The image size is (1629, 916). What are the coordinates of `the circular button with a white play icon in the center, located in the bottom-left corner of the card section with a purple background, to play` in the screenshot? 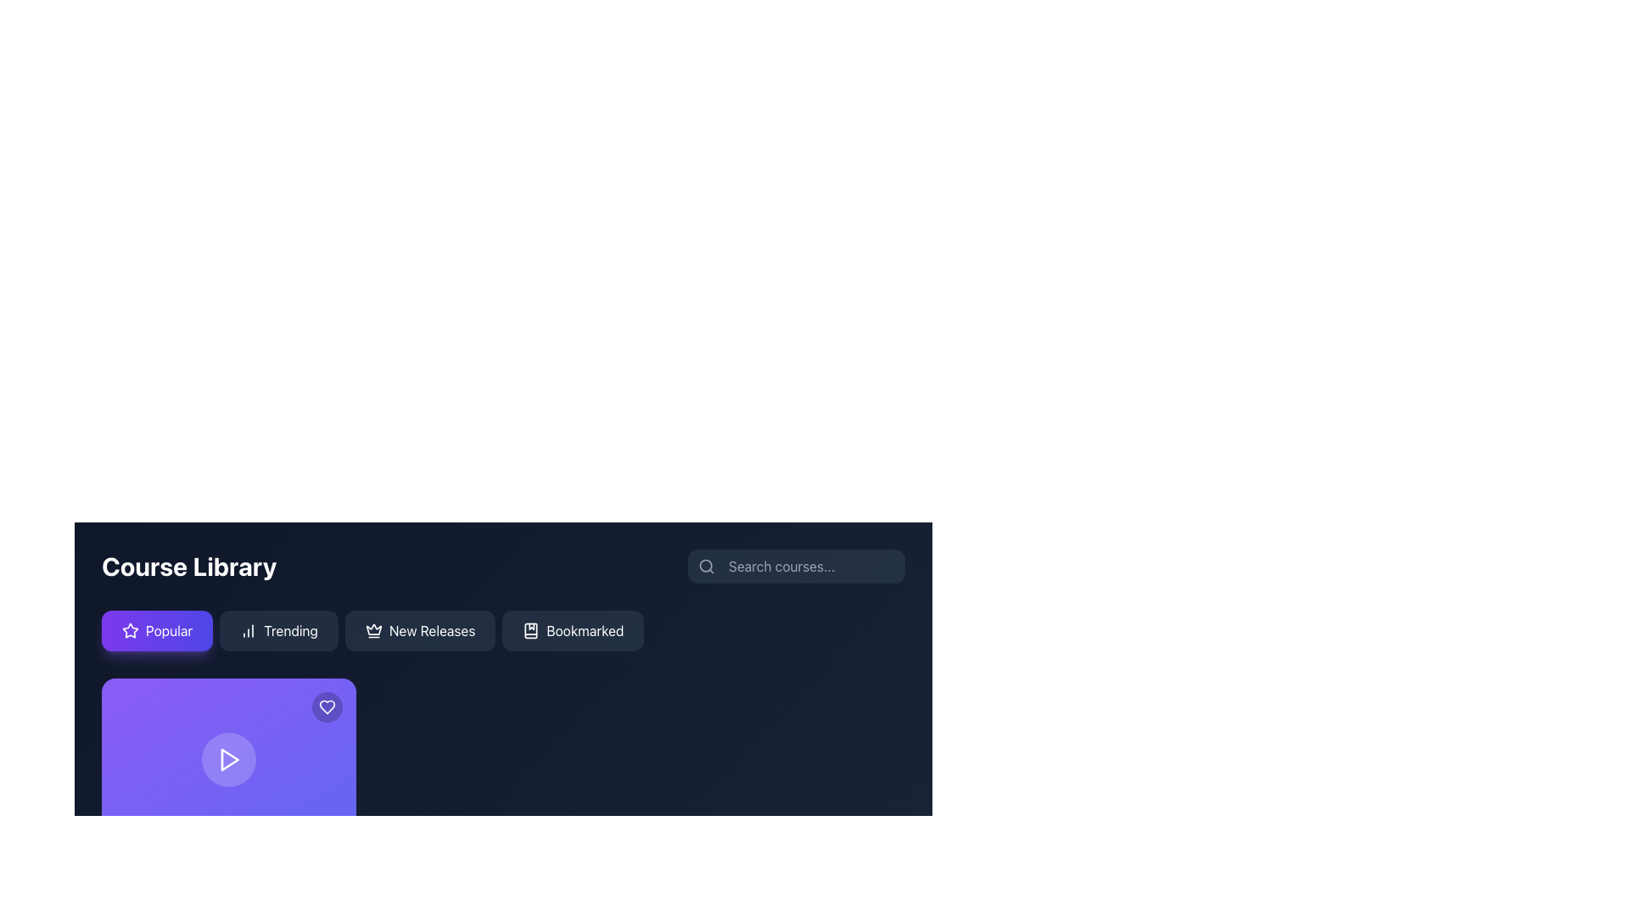 It's located at (227, 758).